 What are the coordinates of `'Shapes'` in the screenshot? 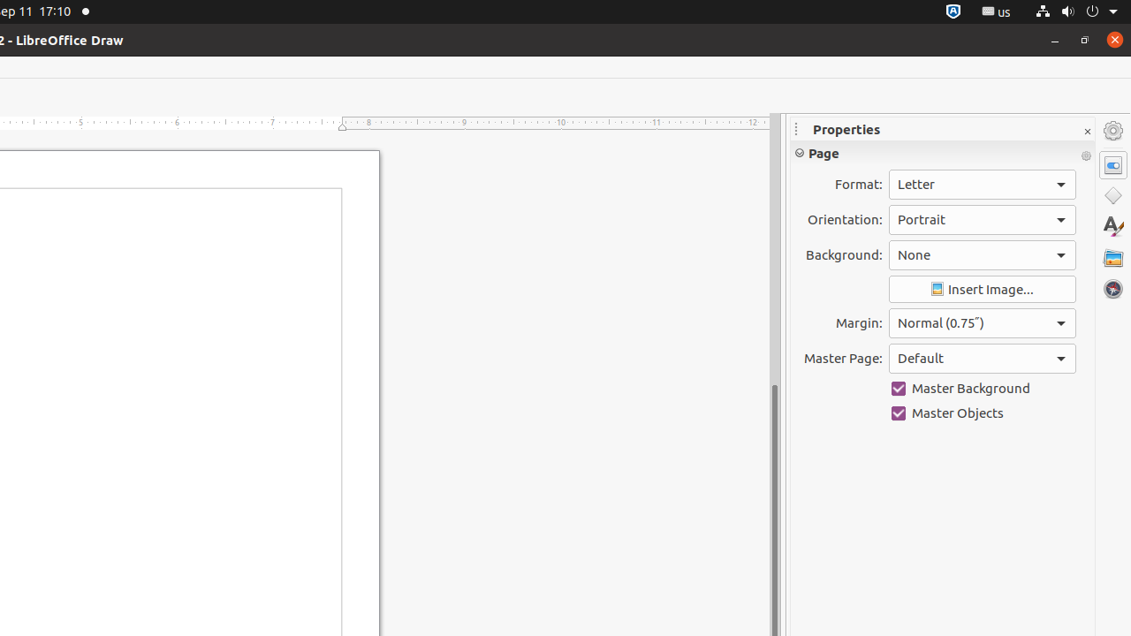 It's located at (1112, 195).